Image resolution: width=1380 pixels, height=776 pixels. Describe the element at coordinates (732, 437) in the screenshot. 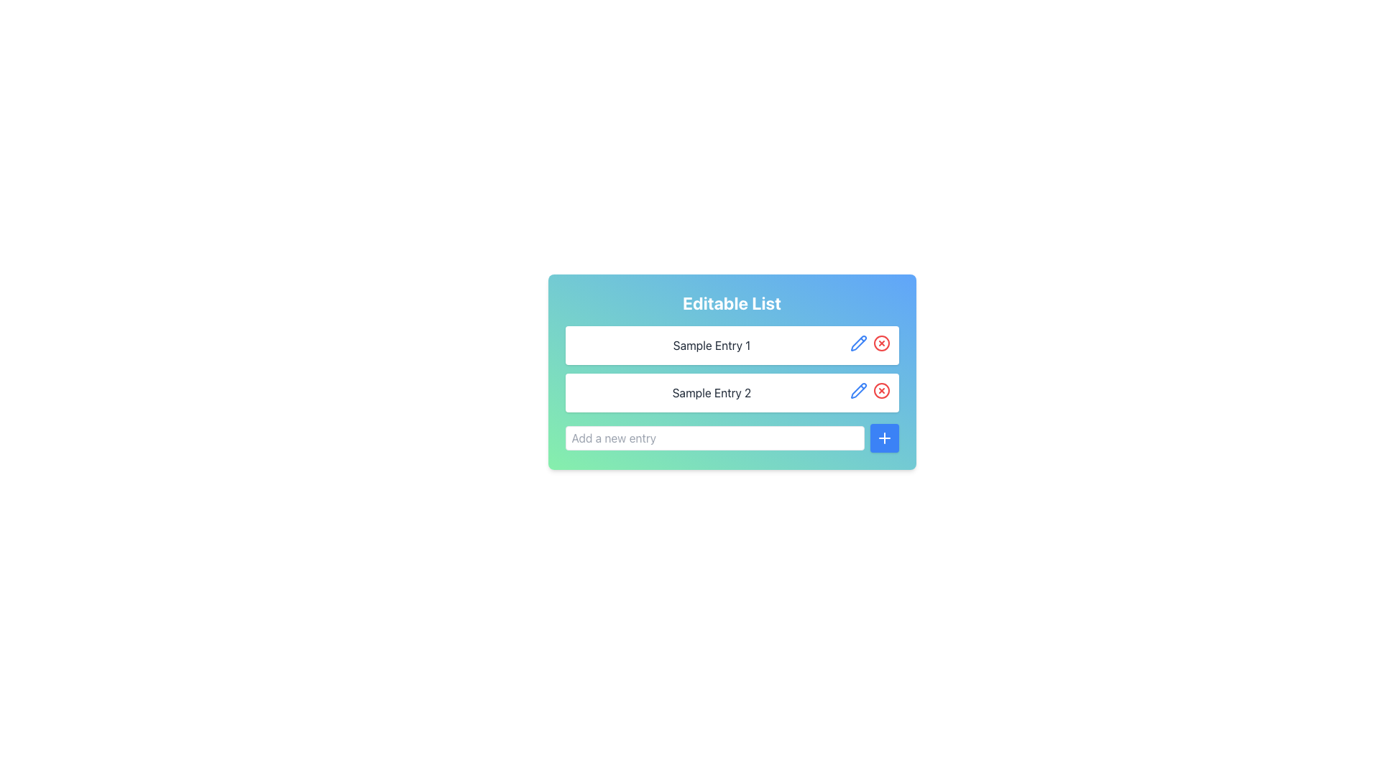

I see `the blue plus button in the 'Editable List' section` at that location.